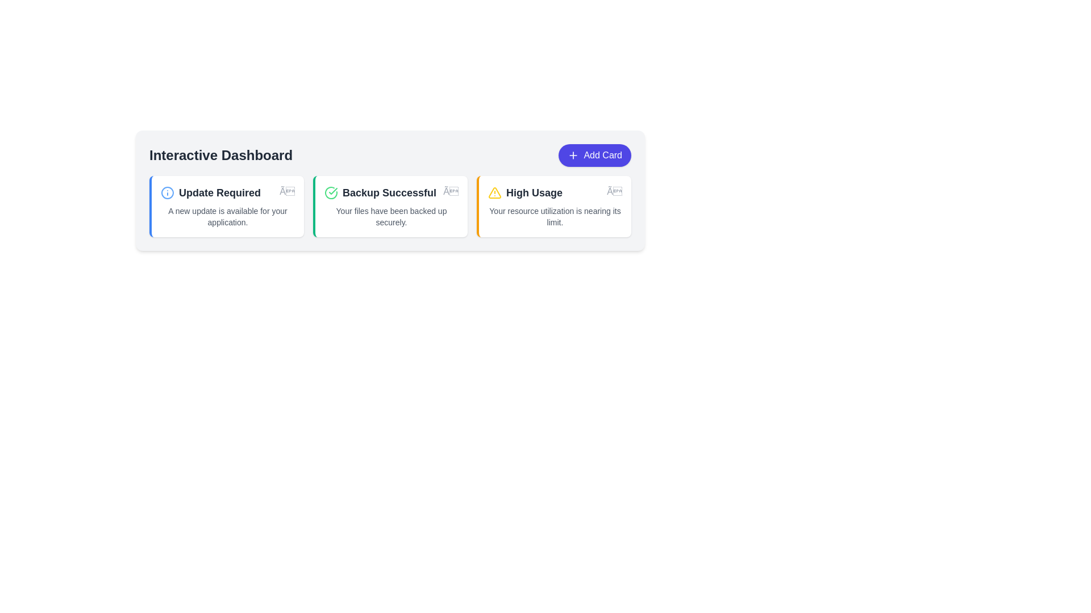 The image size is (1091, 613). I want to click on the title text element indicating a notification about high resource usage in the first notification card with a yellow left border, so click(555, 192).